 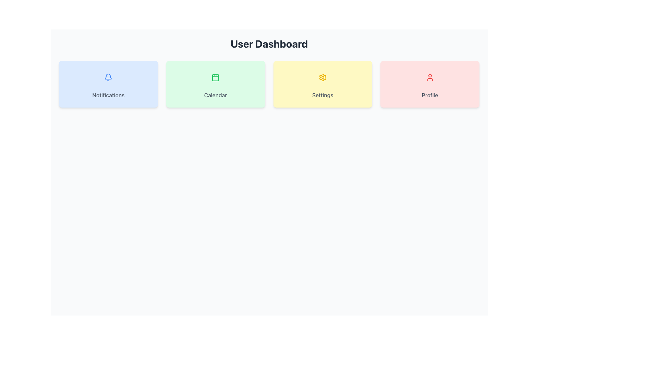 I want to click on the notification icon located in the first card labeled 'Notifications', which serves as the entry point for accessing alerts in the application, so click(x=108, y=77).